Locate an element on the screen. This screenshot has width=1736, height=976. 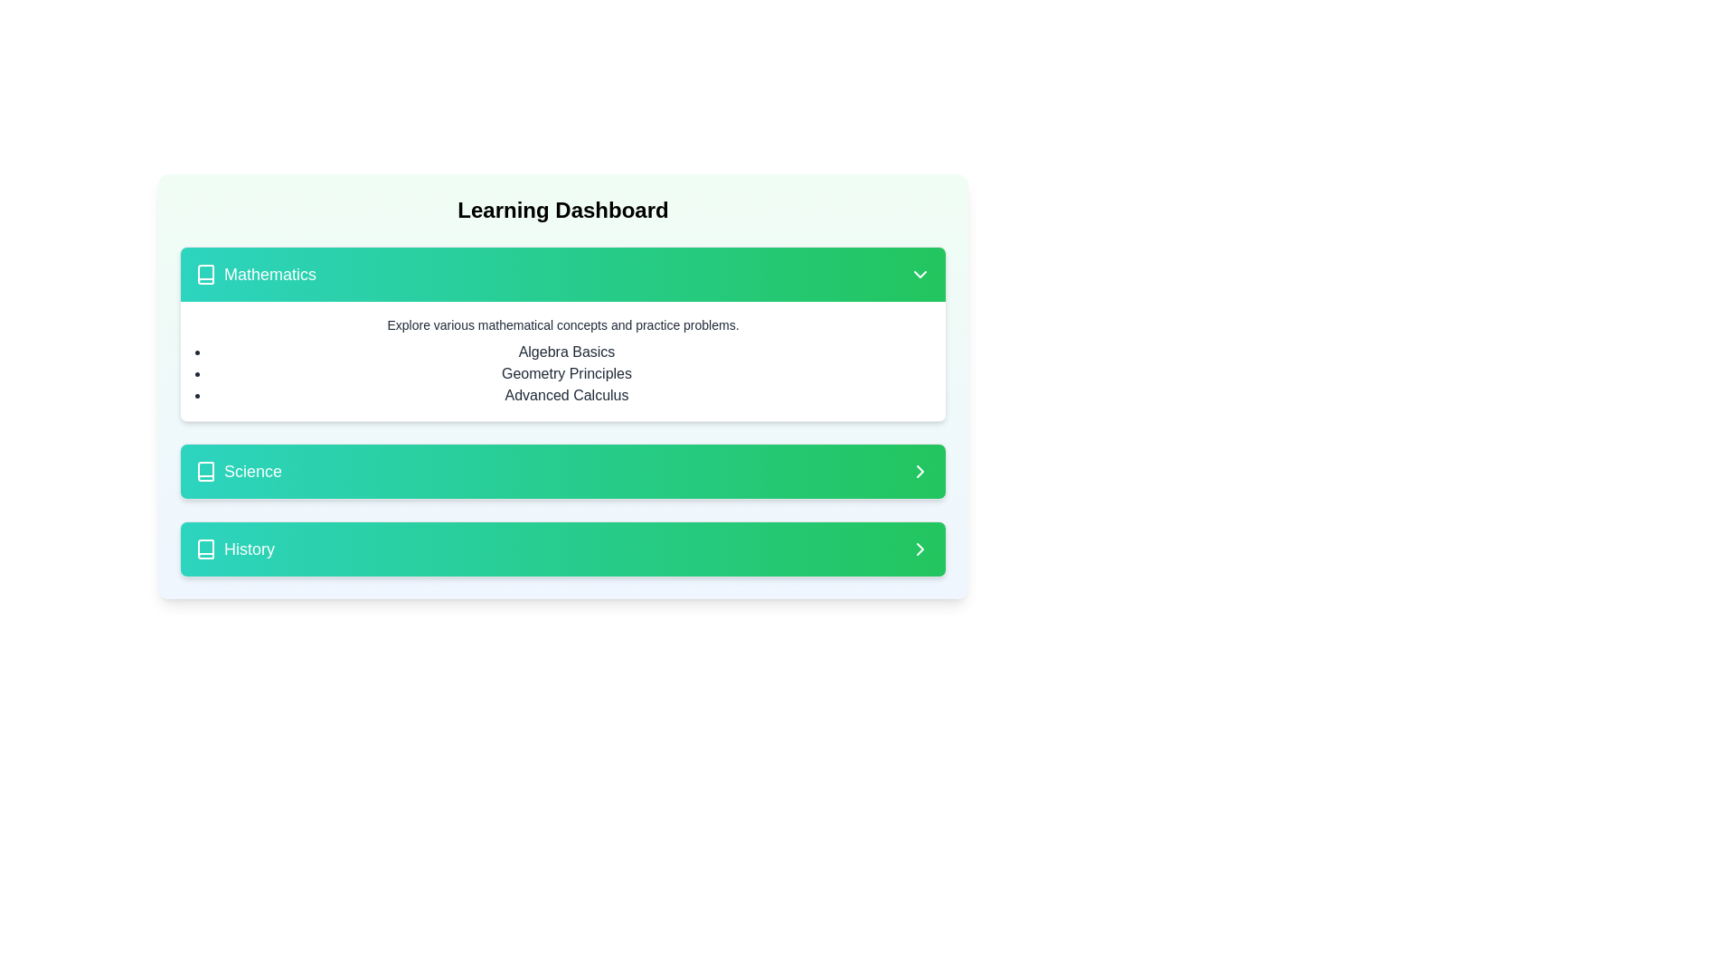
the book icon located to the left of the 'History' text in the green rectangular section labeled 'History' is located at coordinates (205, 549).